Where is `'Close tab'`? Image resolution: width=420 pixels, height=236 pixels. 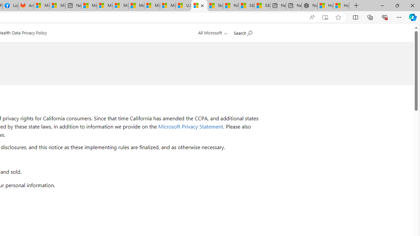
'Close tab' is located at coordinates (202, 6).